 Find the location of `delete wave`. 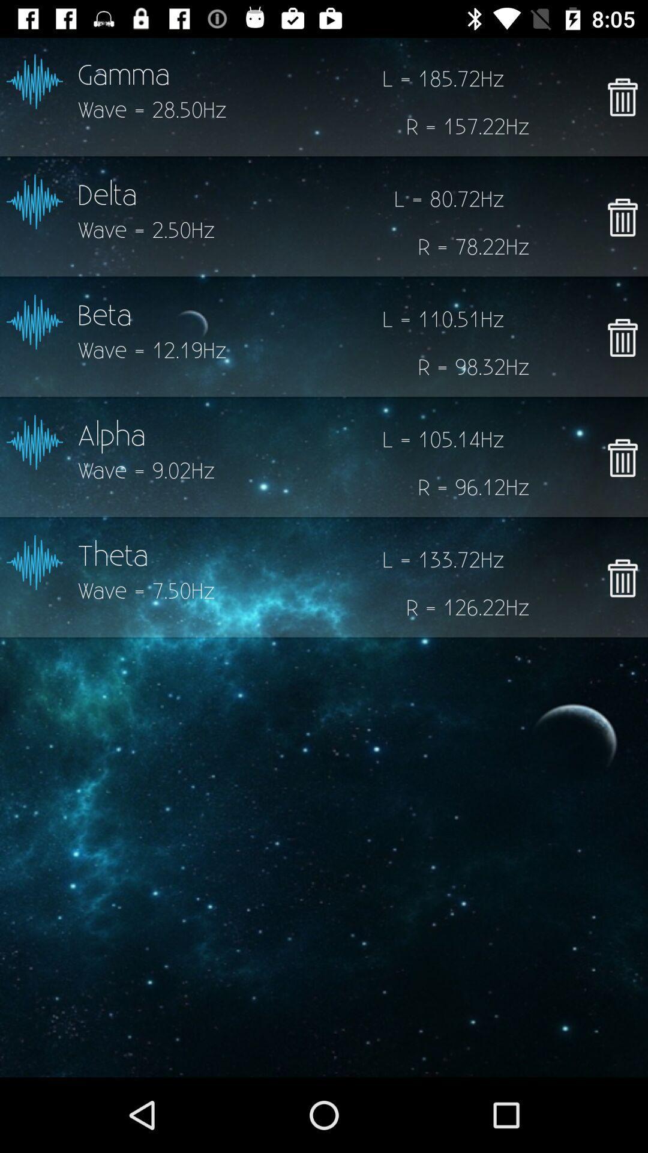

delete wave is located at coordinates (622, 97).